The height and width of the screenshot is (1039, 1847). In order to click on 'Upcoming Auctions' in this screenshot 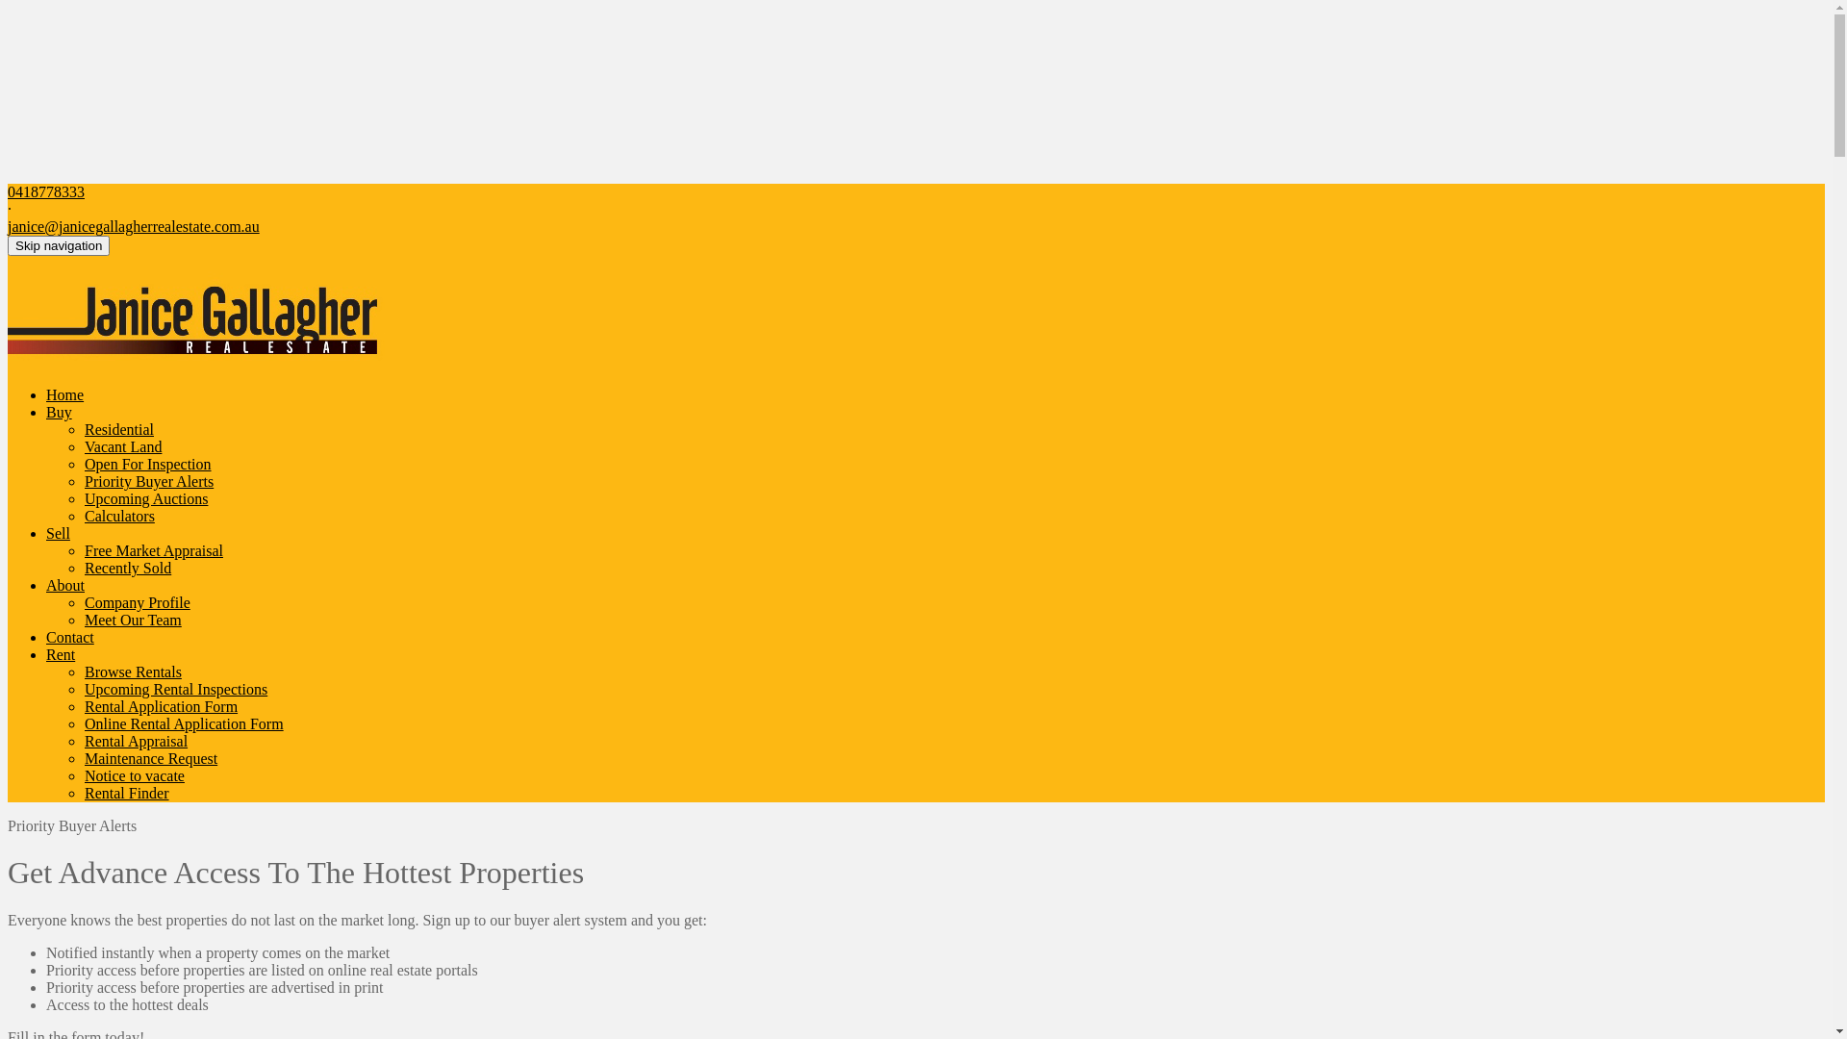, I will do `click(145, 497)`.